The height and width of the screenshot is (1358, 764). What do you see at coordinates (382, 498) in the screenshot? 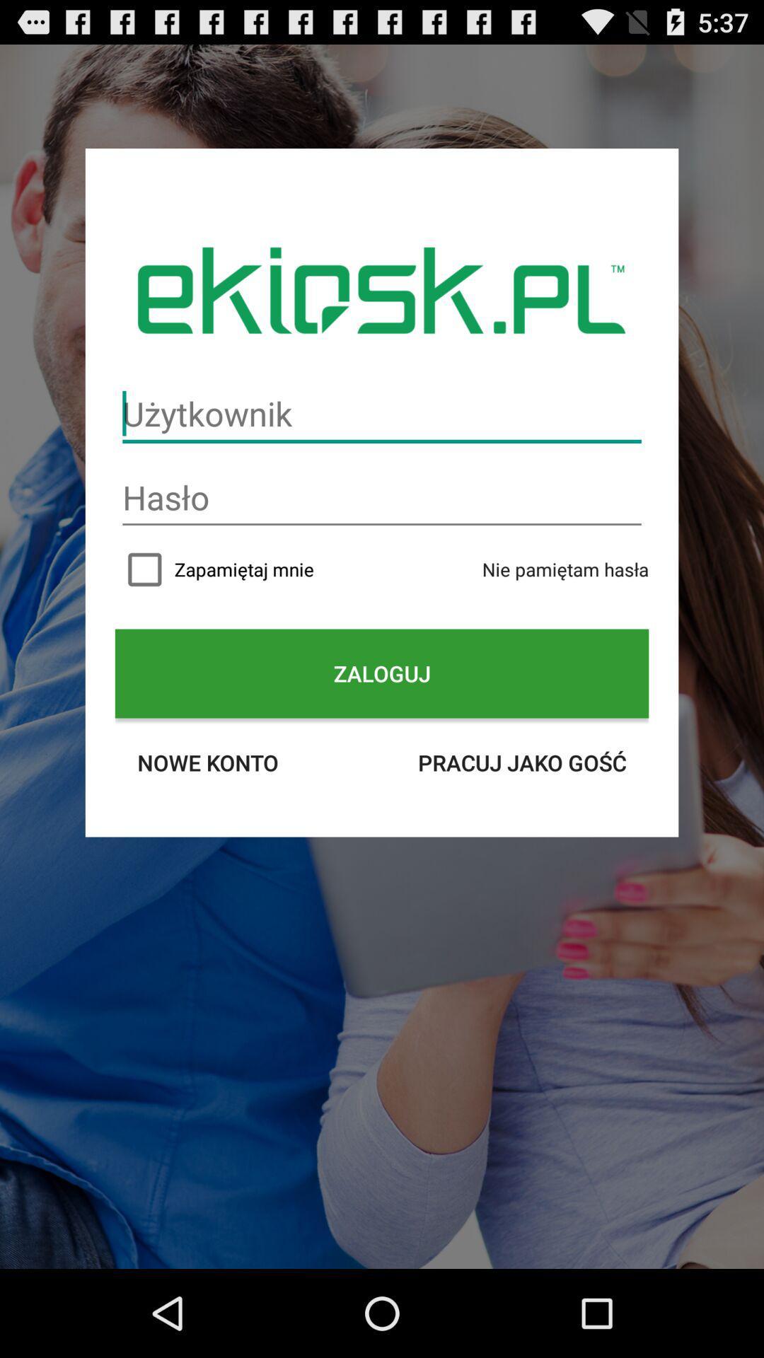
I see `password field` at bounding box center [382, 498].